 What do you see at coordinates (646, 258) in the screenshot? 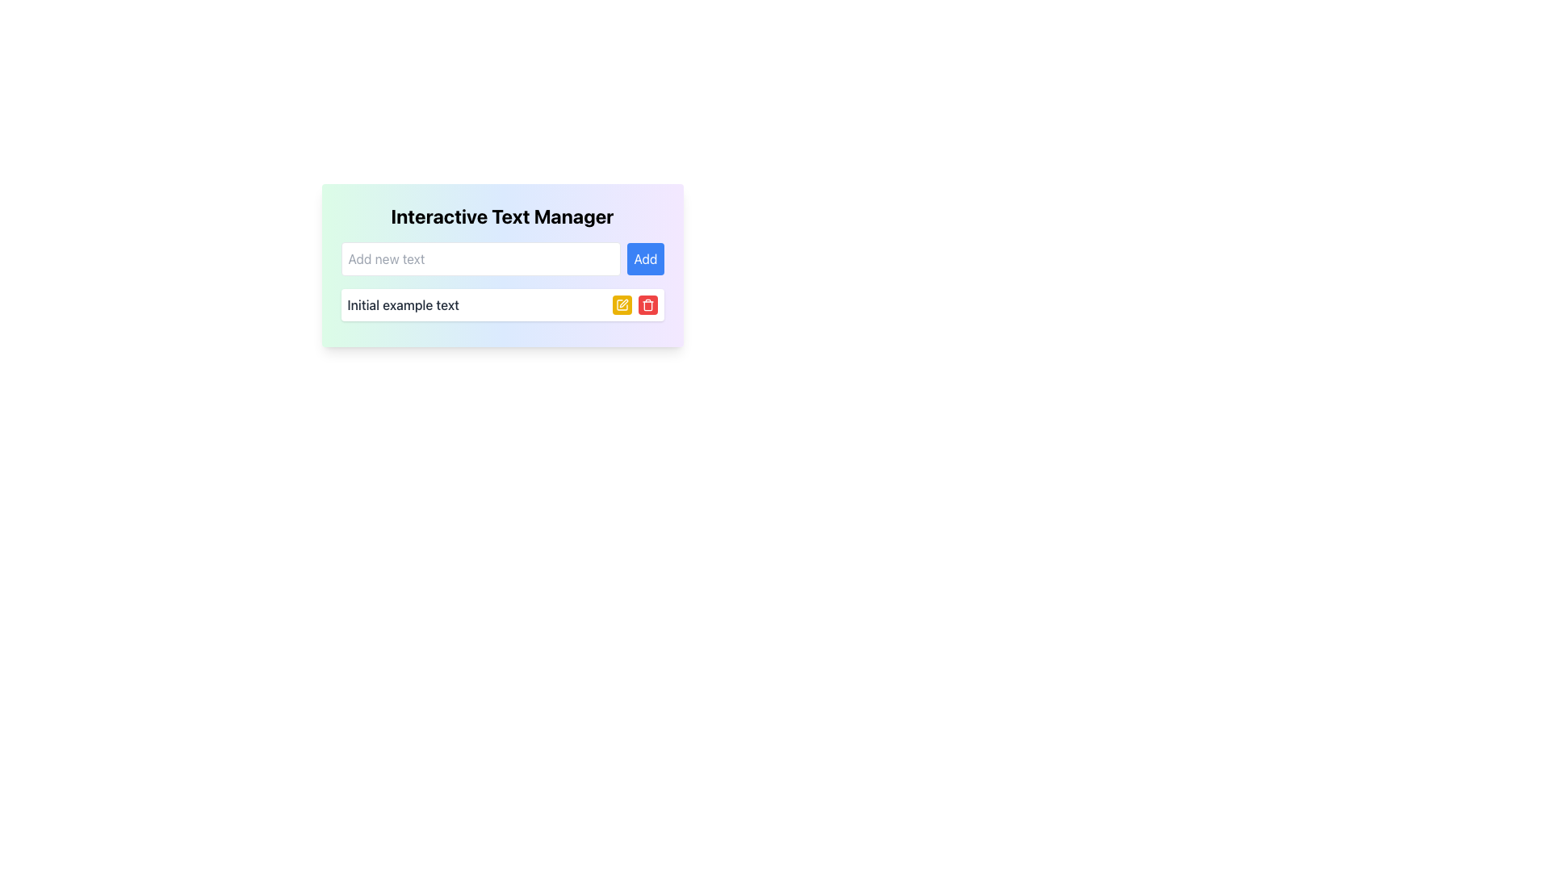
I see `the blue 'Add' button with rounded corners to observe the UI feedback` at bounding box center [646, 258].